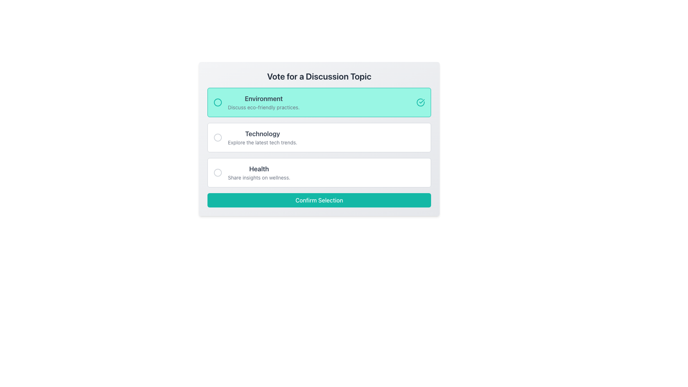 The height and width of the screenshot is (387, 688). I want to click on the checkmark icon, which serves as a visual confirmation indicator located at the top right corner of the 'Environment' selection box, so click(422, 101).